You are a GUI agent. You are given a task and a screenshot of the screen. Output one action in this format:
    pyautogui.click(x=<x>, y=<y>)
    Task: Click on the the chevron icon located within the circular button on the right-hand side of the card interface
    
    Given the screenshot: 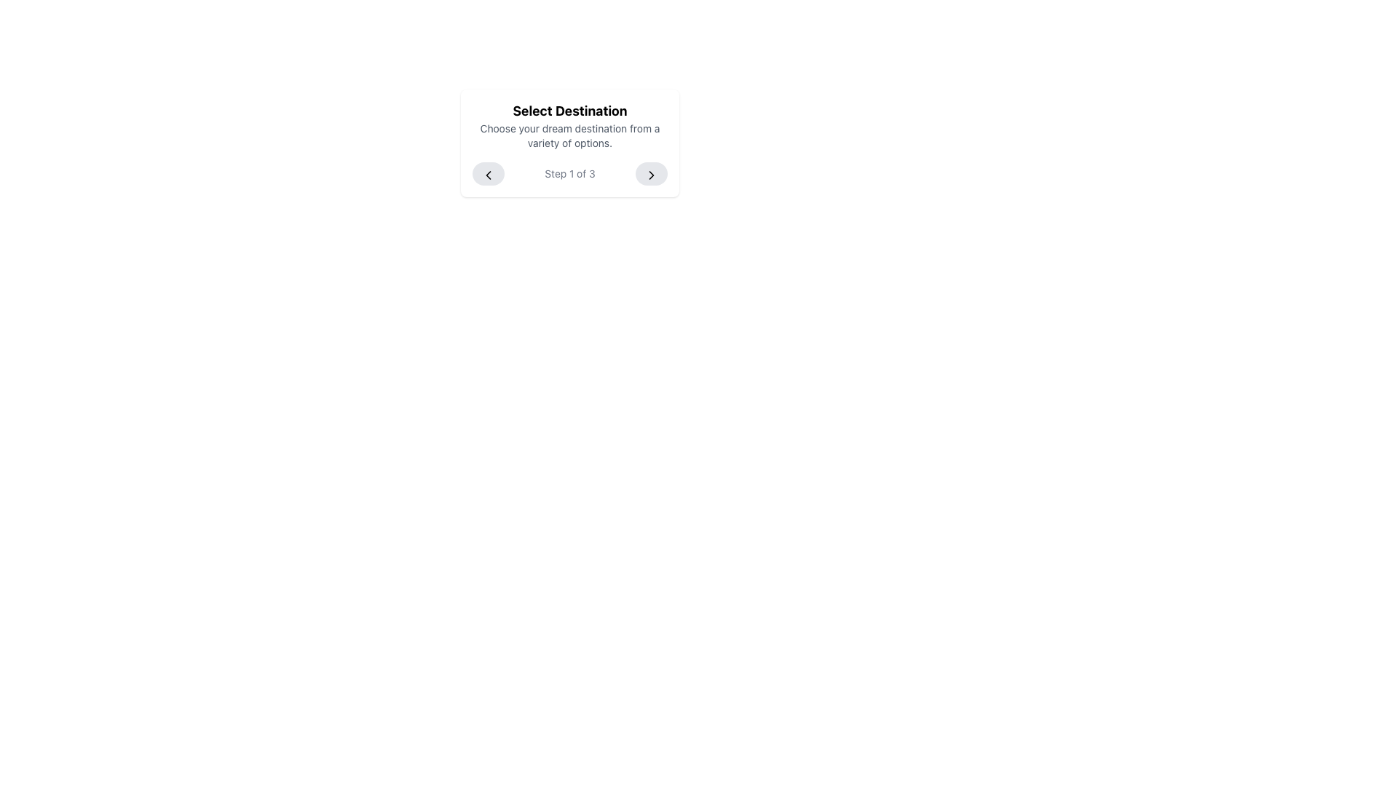 What is the action you would take?
    pyautogui.click(x=650, y=173)
    